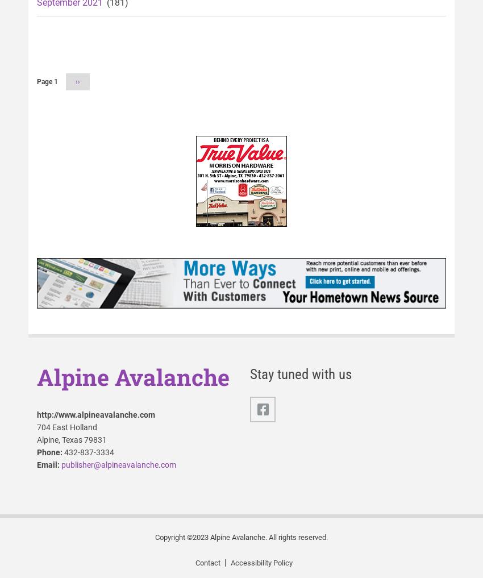  What do you see at coordinates (37, 452) in the screenshot?
I see `'Phone:'` at bounding box center [37, 452].